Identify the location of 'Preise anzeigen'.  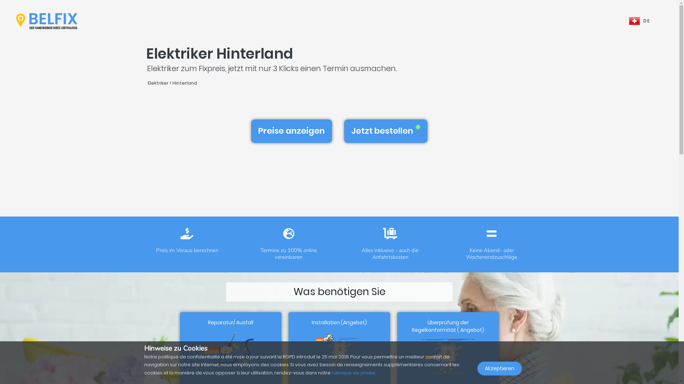
(291, 131).